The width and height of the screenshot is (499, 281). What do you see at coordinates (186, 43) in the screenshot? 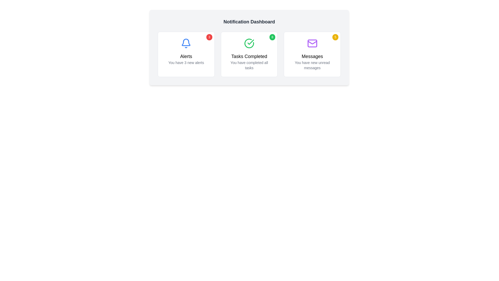
I see `the content of the bell icon located at the top center of the 'Alerts' card, which indicates the number of new notifications` at bounding box center [186, 43].